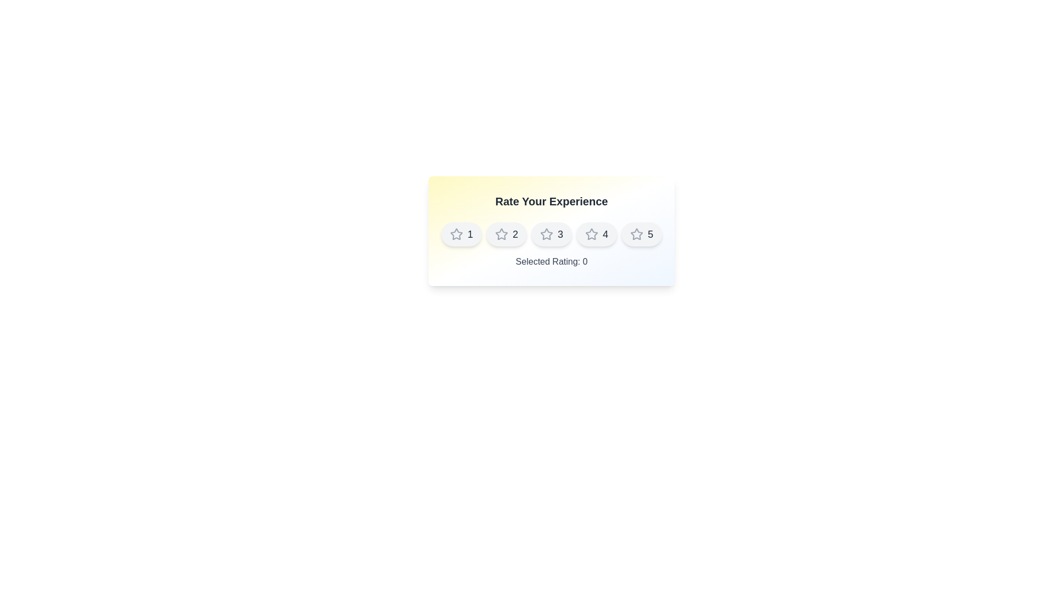  I want to click on the star corresponding to the rating value 5, so click(642, 234).